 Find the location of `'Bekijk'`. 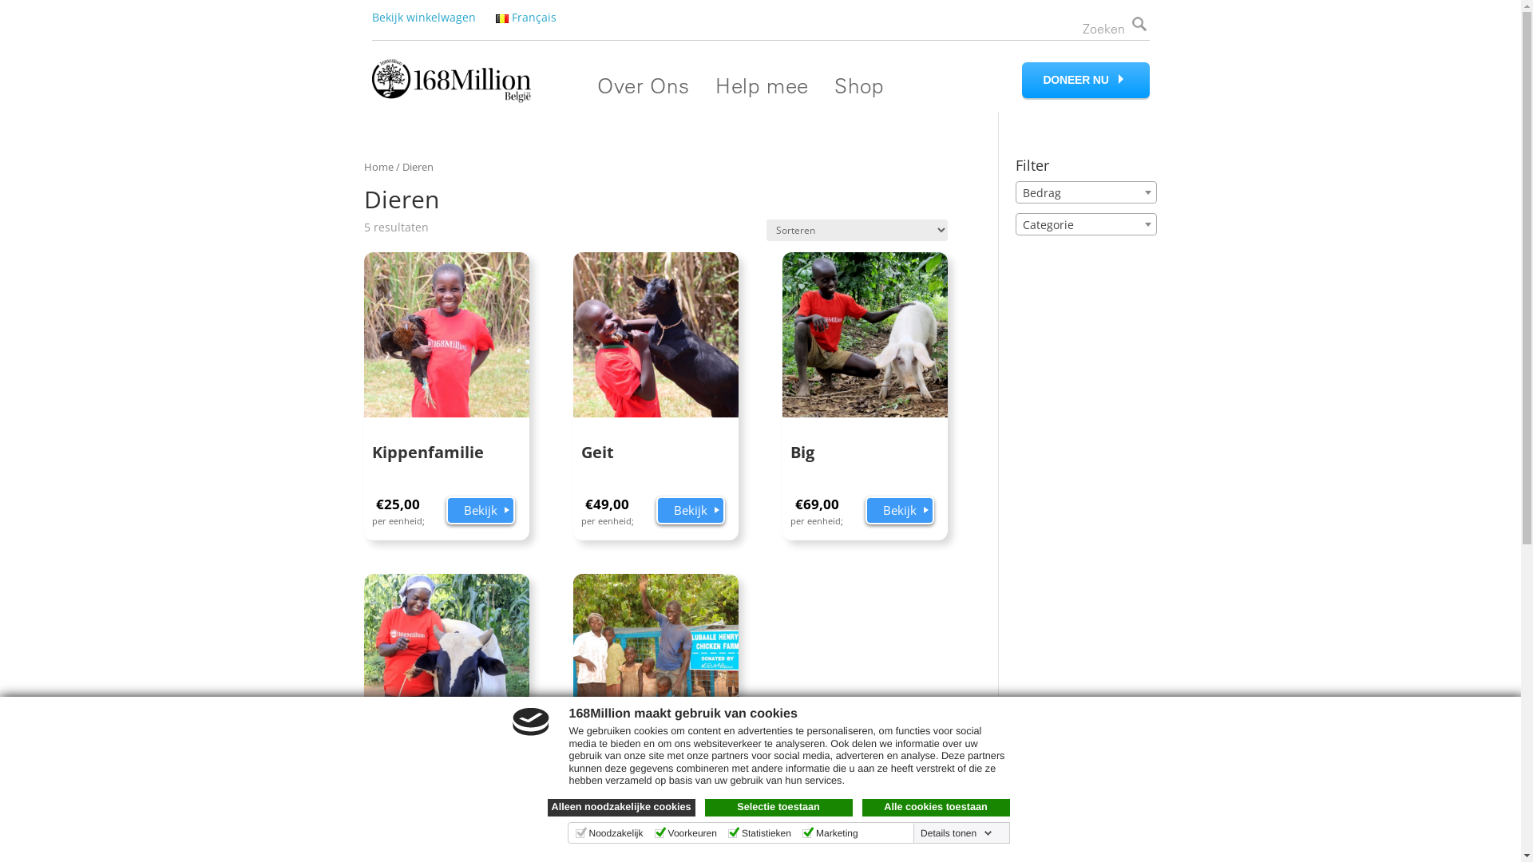

'Bekijk' is located at coordinates (479, 831).